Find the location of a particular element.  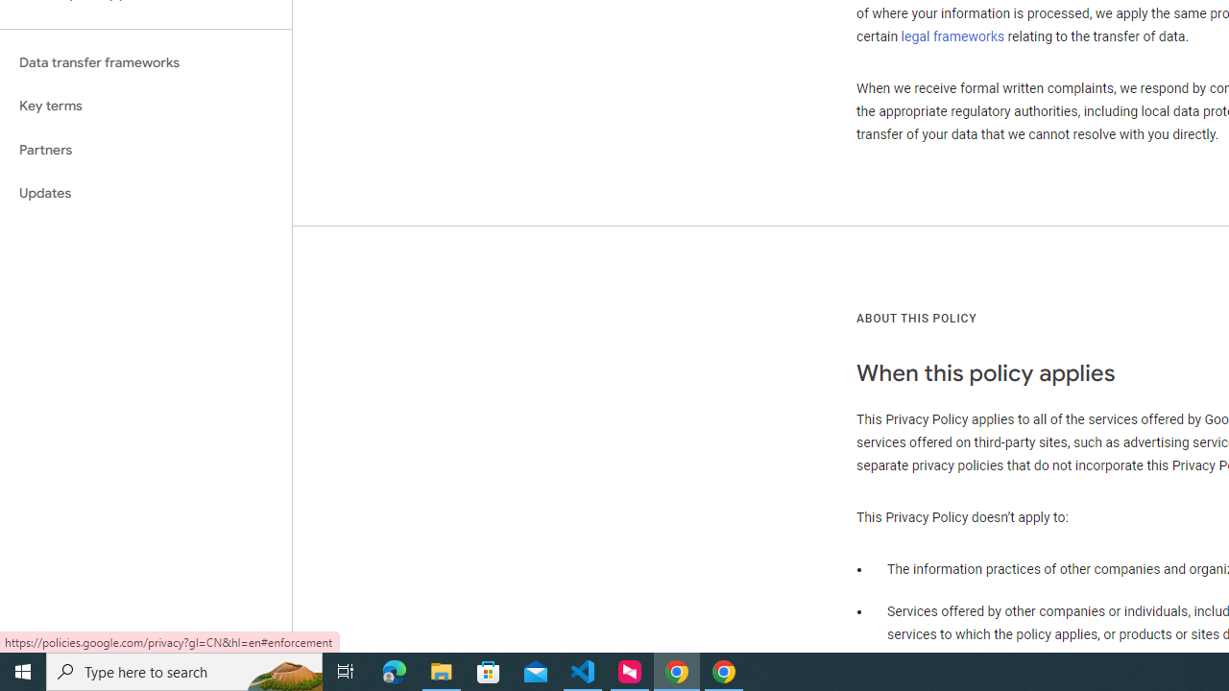

'Updates' is located at coordinates (145, 193).